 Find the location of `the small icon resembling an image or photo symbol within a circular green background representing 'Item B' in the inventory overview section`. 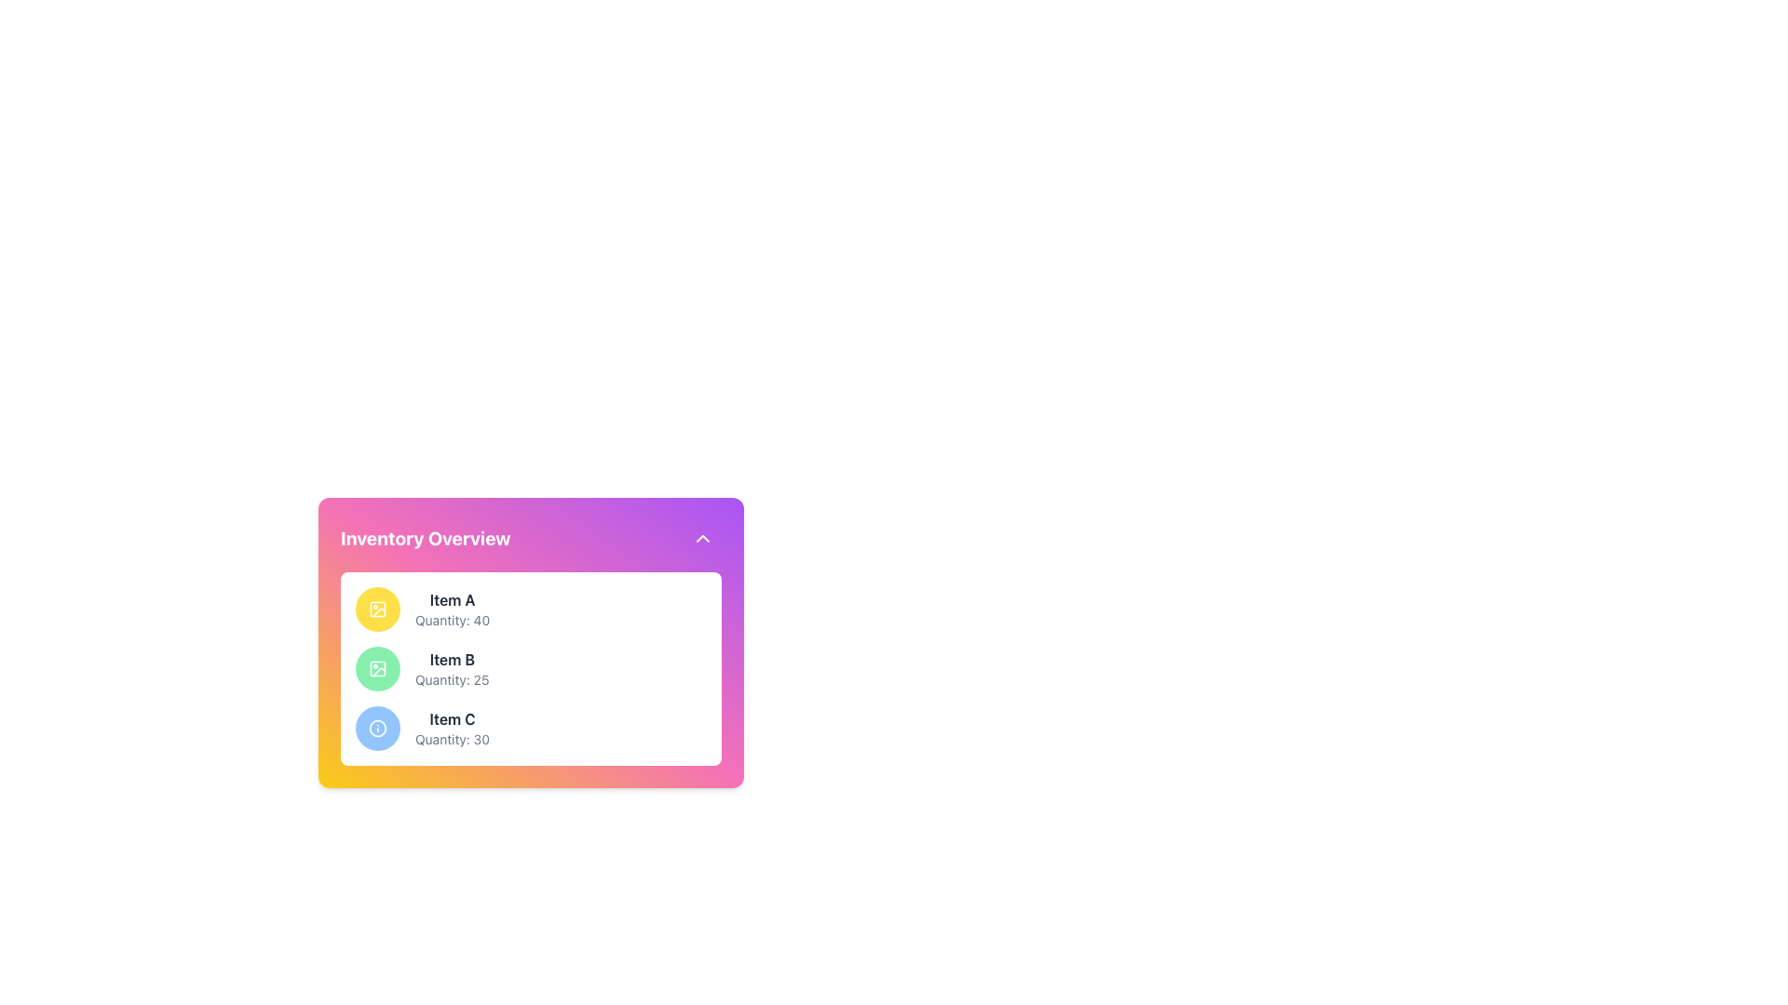

the small icon resembling an image or photo symbol within a circular green background representing 'Item B' in the inventory overview section is located at coordinates (377, 667).